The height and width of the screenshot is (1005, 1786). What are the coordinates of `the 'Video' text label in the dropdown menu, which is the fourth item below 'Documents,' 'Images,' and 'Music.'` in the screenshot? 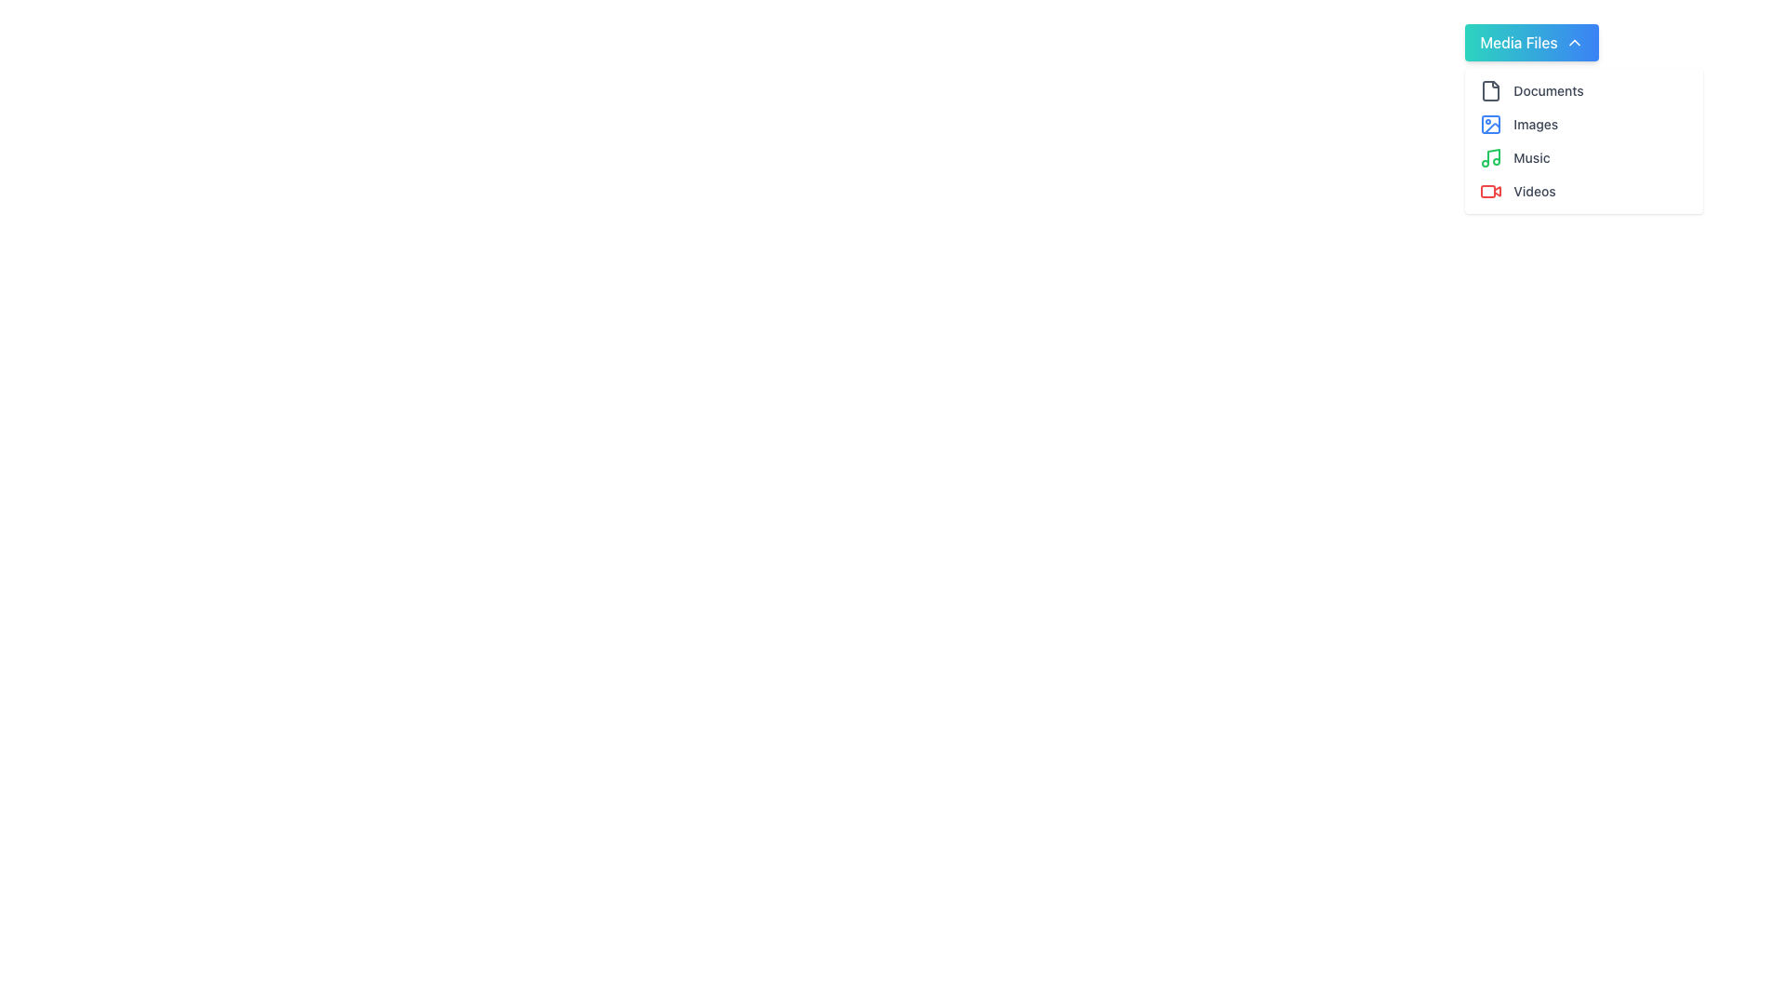 It's located at (1535, 191).